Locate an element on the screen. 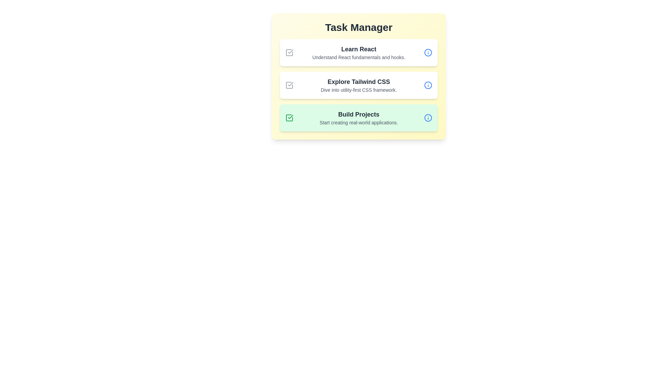  the title of the task Learn React to focus on it is located at coordinates (358, 49).